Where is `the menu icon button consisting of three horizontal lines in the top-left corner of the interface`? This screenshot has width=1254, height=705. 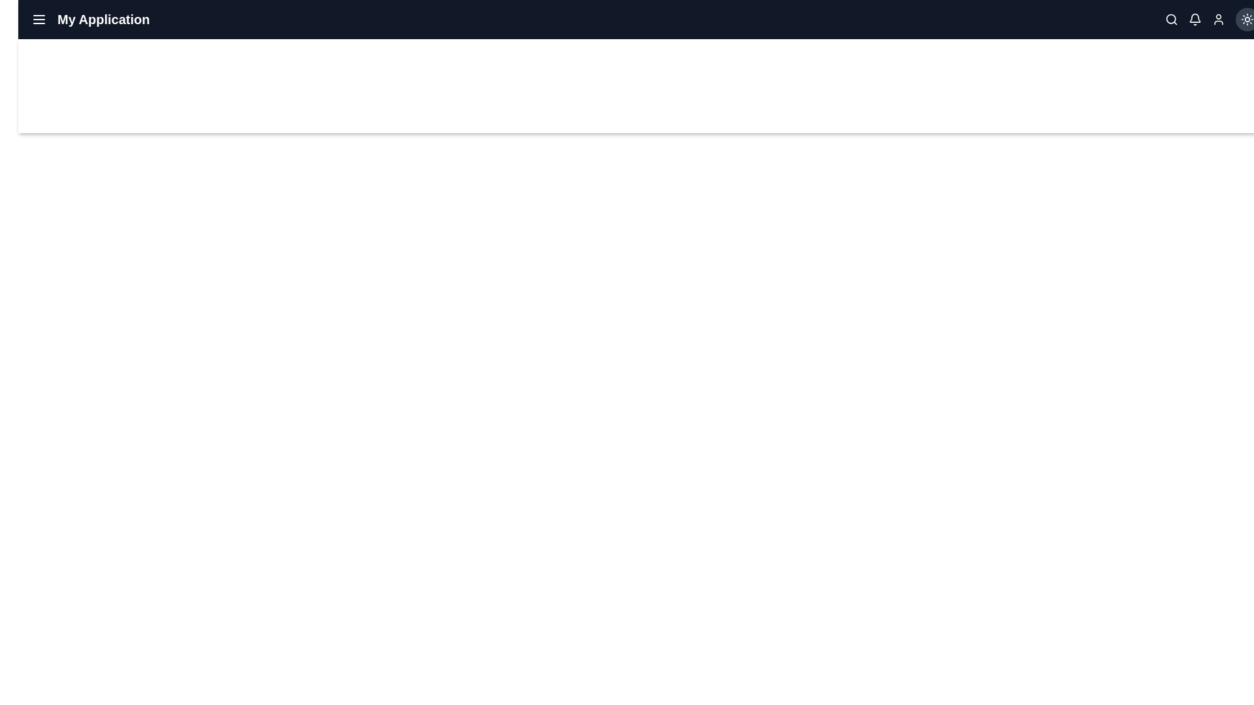
the menu icon button consisting of three horizontal lines in the top-left corner of the interface is located at coordinates (39, 20).